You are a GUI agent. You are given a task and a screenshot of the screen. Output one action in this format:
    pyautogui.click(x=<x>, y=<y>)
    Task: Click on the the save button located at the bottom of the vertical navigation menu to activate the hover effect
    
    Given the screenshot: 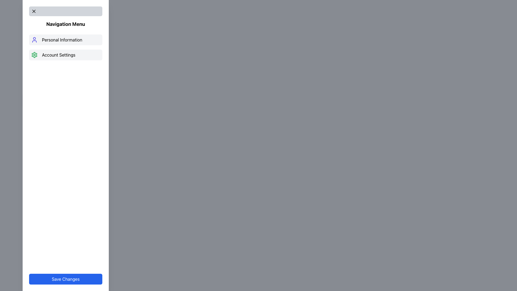 What is the action you would take?
    pyautogui.click(x=65, y=279)
    